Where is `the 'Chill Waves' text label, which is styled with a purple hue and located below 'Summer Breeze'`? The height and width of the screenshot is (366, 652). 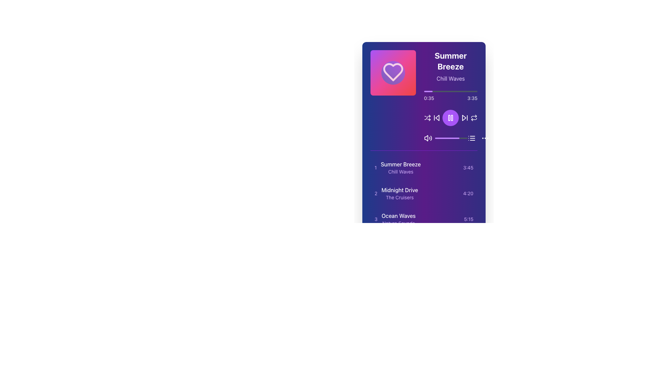
the 'Chill Waves' text label, which is styled with a purple hue and located below 'Summer Breeze' is located at coordinates (451, 78).